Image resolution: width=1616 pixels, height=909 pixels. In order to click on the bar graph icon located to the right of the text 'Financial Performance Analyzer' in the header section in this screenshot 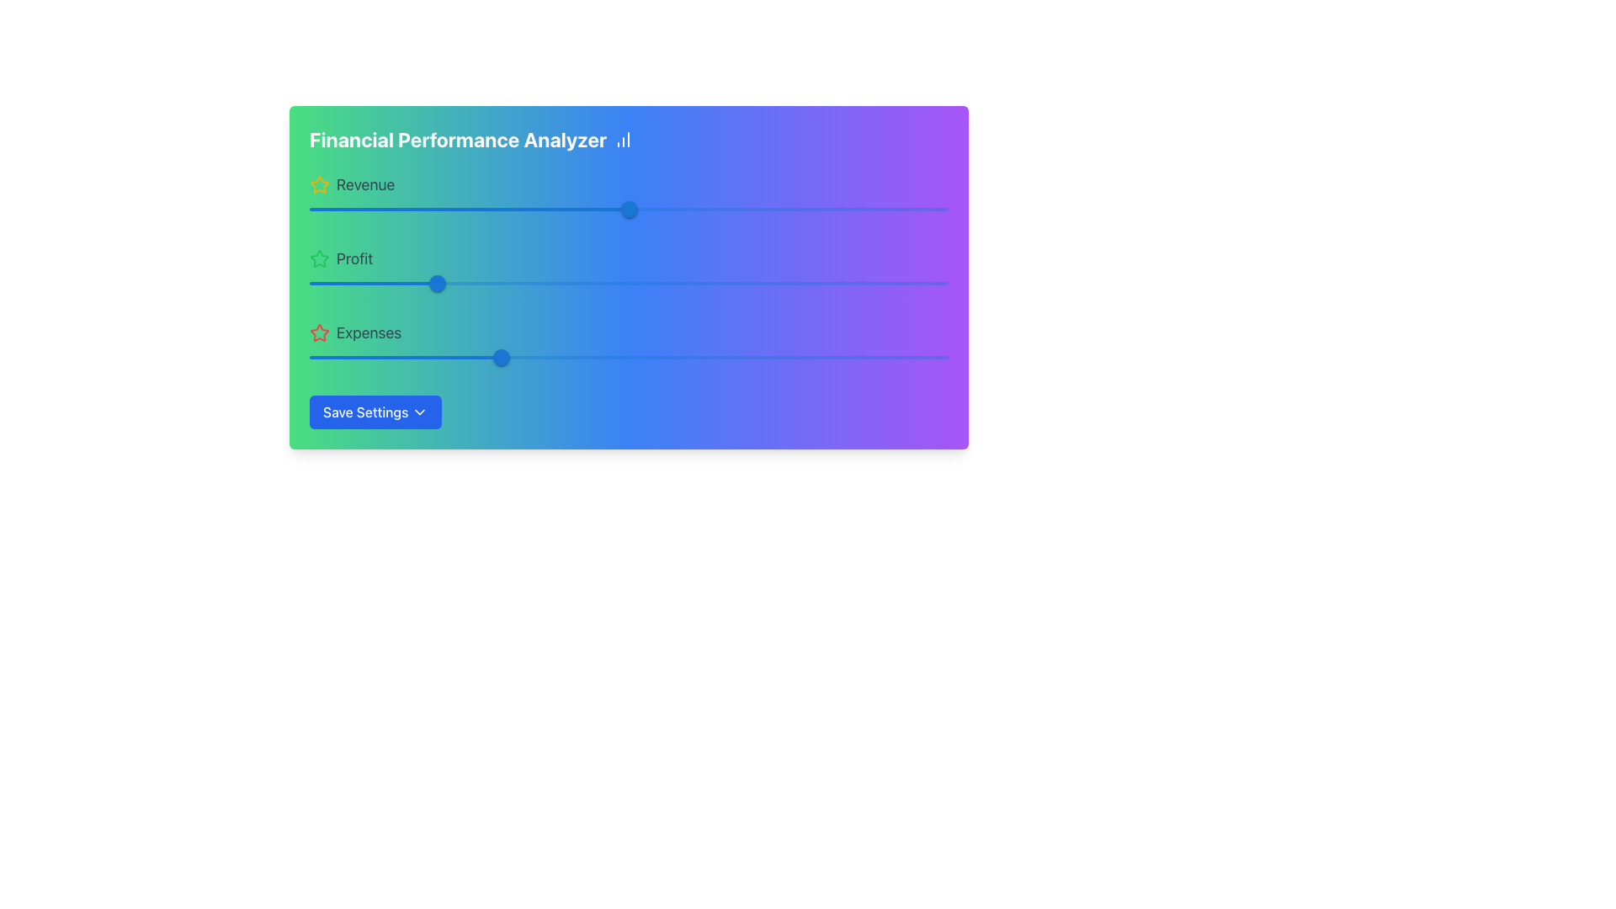, I will do `click(623, 138)`.